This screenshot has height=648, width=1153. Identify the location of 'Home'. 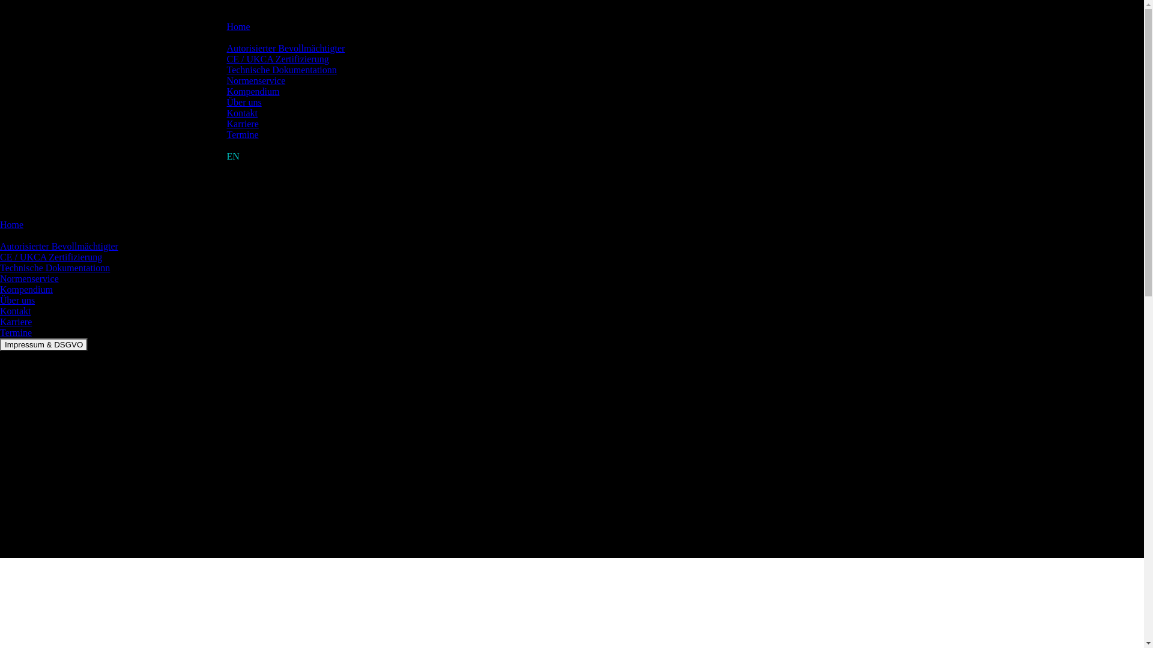
(11, 224).